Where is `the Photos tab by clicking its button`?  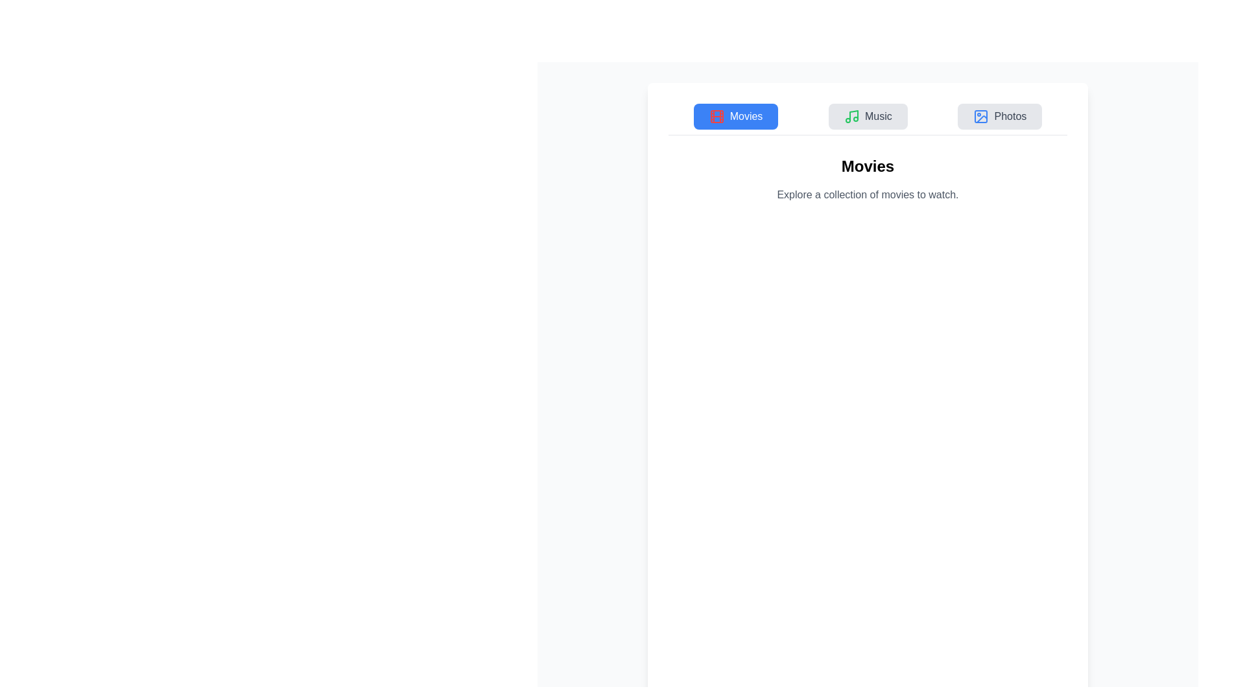 the Photos tab by clicking its button is located at coordinates (999, 117).